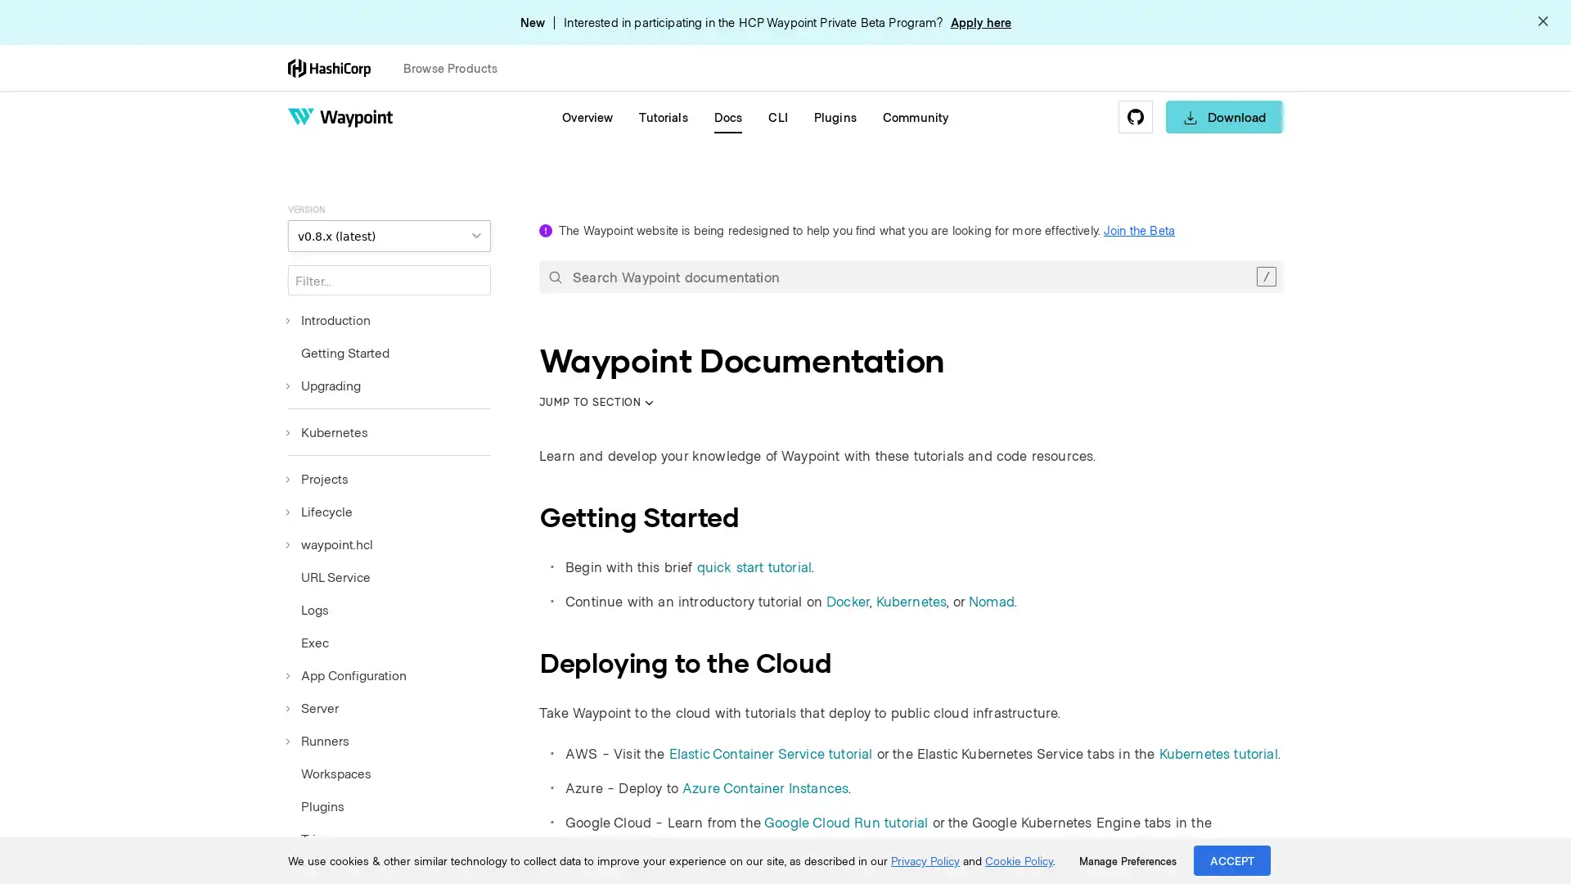 Image resolution: width=1571 pixels, height=884 pixels. I want to click on Submit your search query., so click(555, 276).